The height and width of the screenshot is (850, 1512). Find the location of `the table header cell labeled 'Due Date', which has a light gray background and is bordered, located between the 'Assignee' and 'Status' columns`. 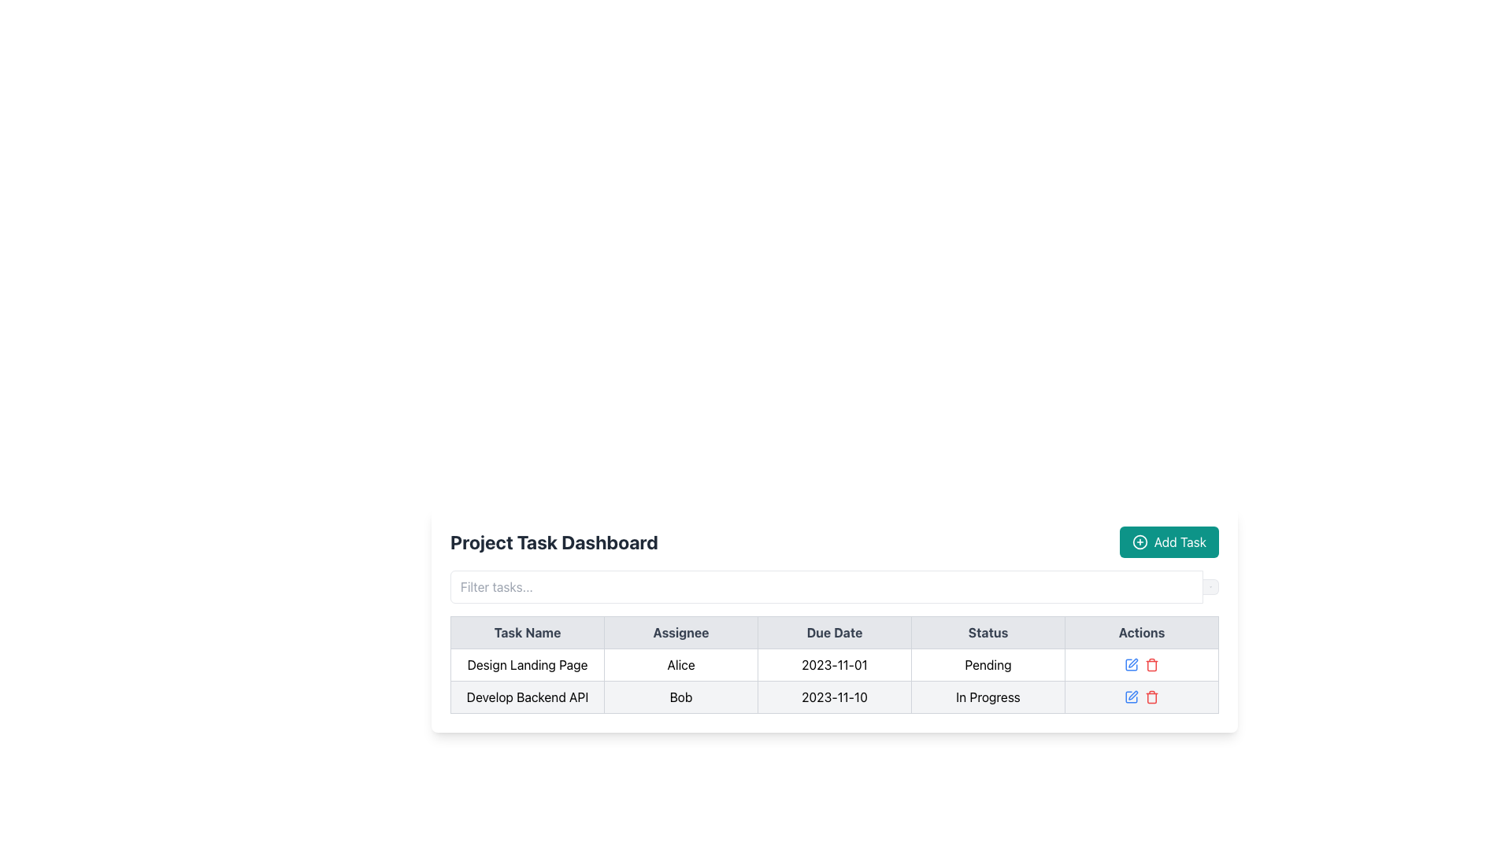

the table header cell labeled 'Due Date', which has a light gray background and is bordered, located between the 'Assignee' and 'Status' columns is located at coordinates (834, 631).